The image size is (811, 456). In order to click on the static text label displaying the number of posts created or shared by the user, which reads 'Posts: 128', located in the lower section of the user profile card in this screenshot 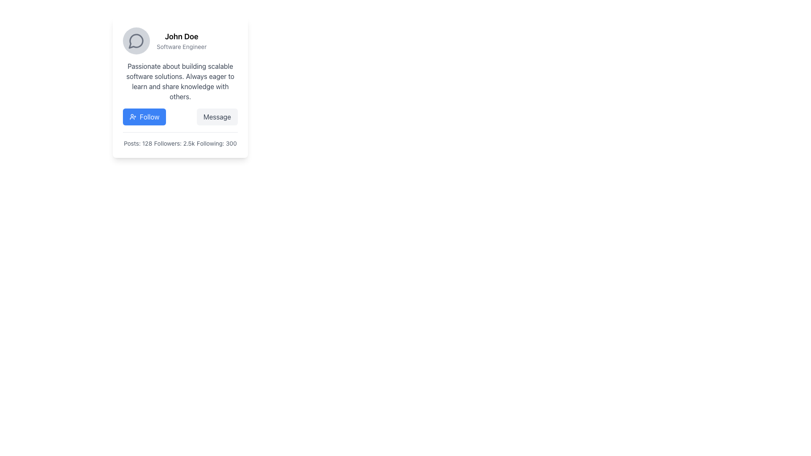, I will do `click(138, 143)`.